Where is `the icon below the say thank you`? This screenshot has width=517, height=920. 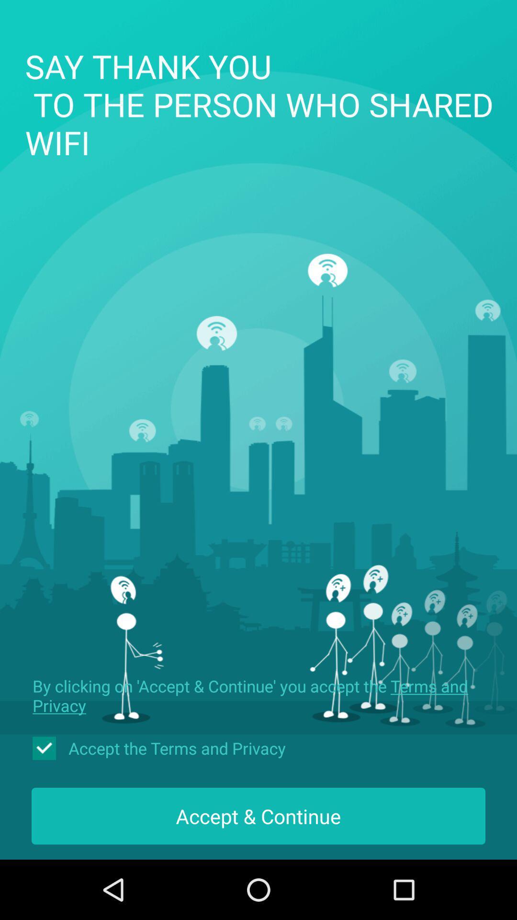
the icon below the say thank you is located at coordinates (258, 695).